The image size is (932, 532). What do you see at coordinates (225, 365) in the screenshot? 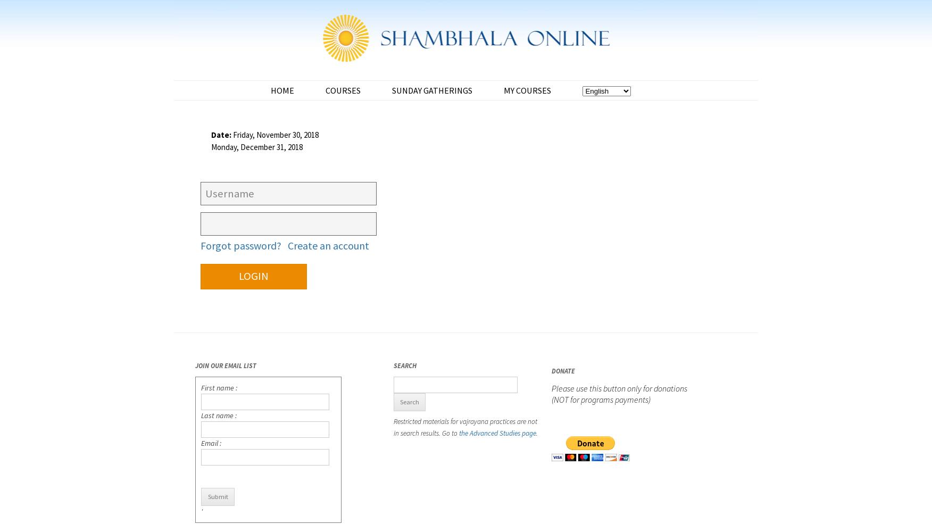
I see `'Join Our Email List'` at bounding box center [225, 365].